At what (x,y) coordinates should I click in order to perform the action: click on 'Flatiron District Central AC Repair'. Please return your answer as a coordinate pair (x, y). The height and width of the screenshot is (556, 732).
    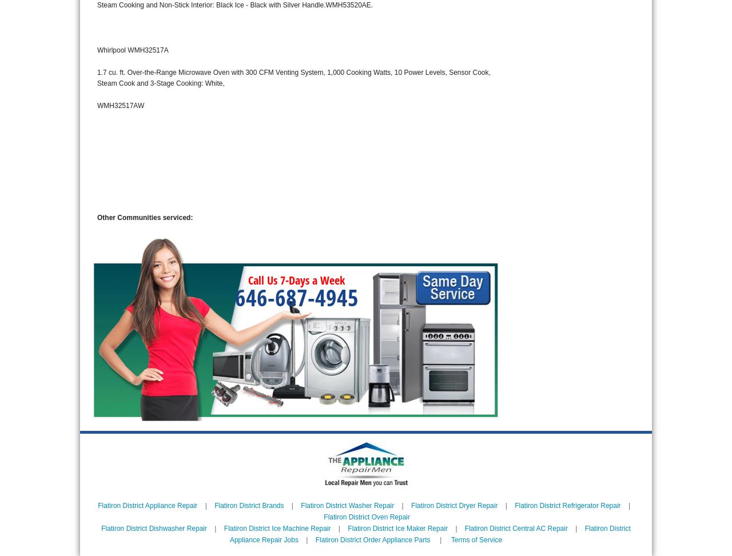
    Looking at the image, I should click on (515, 528).